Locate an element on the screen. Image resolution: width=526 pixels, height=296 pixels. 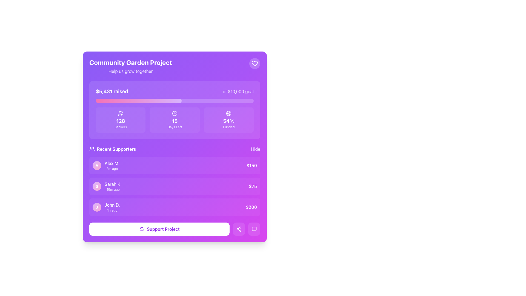
the 'Support Project' button, which has rounded edges, a white background, and purple text, located at the bottom of a purple-themed interface is located at coordinates (159, 229).